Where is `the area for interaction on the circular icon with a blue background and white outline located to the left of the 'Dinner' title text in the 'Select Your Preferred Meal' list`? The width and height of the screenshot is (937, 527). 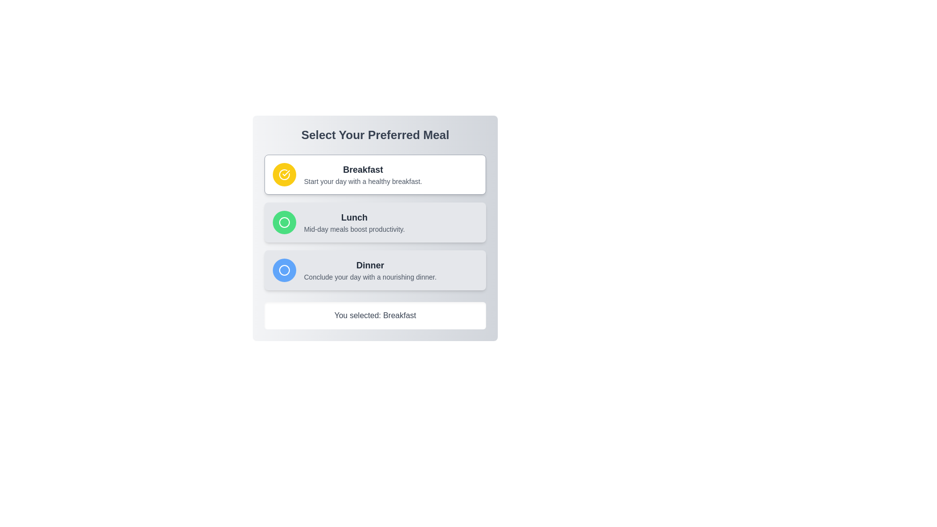 the area for interaction on the circular icon with a blue background and white outline located to the left of the 'Dinner' title text in the 'Select Your Preferred Meal' list is located at coordinates (284, 270).